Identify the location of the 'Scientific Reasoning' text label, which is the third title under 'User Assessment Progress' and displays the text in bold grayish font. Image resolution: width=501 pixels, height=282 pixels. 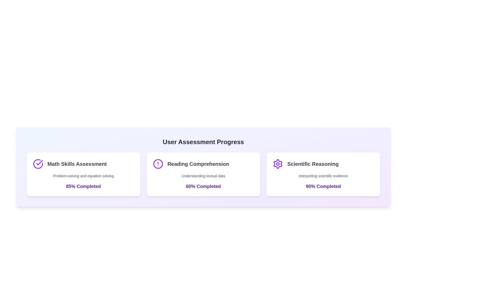
(313, 164).